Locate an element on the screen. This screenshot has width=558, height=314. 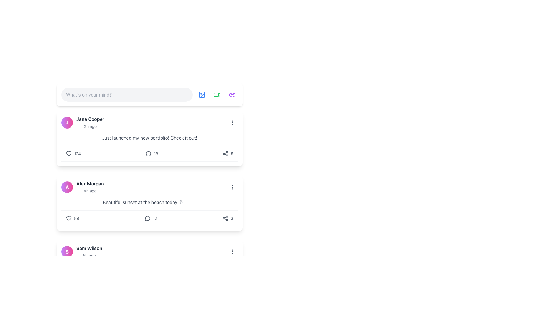
the static text label displaying the name of the user 'Sam Wilson' associated with the post, located in the lower section of the interface as part of a card-like structure is located at coordinates (89, 248).